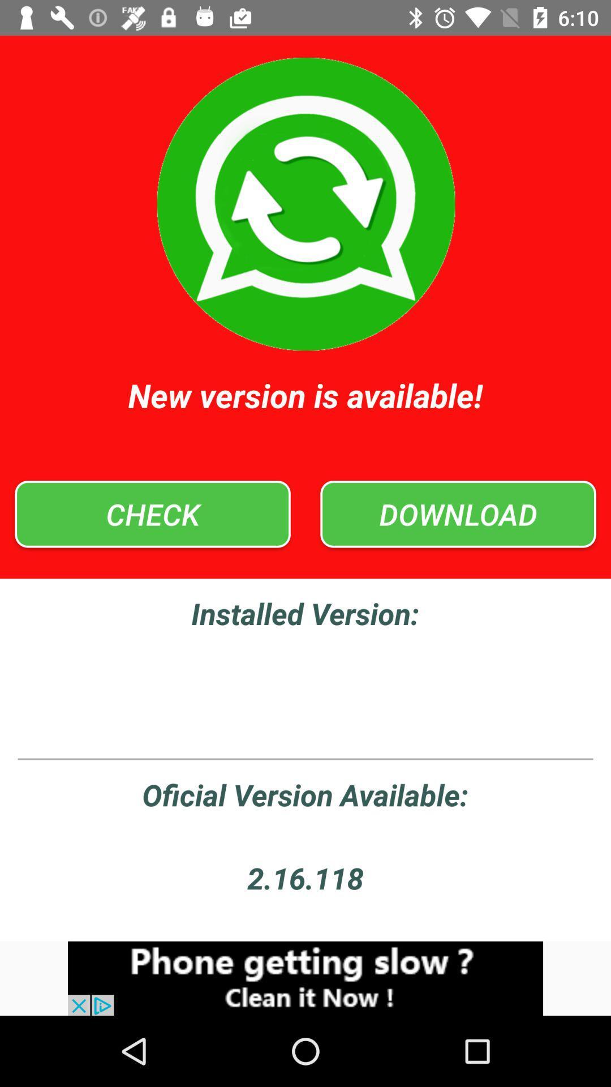 This screenshot has width=611, height=1087. What do you see at coordinates (305, 978) in the screenshot?
I see `open the advertisement` at bounding box center [305, 978].